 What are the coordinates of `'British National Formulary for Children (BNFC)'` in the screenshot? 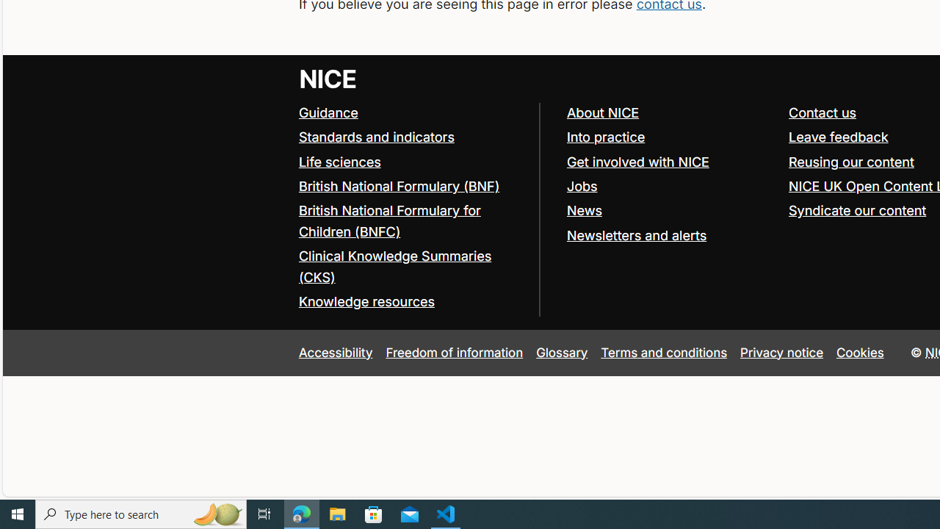 It's located at (411, 221).